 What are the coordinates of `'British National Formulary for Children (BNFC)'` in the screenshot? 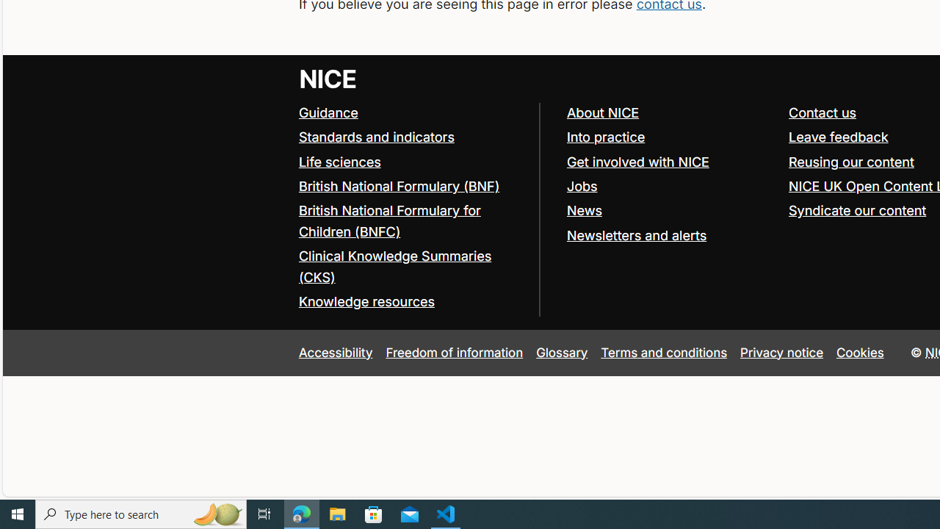 It's located at (411, 221).